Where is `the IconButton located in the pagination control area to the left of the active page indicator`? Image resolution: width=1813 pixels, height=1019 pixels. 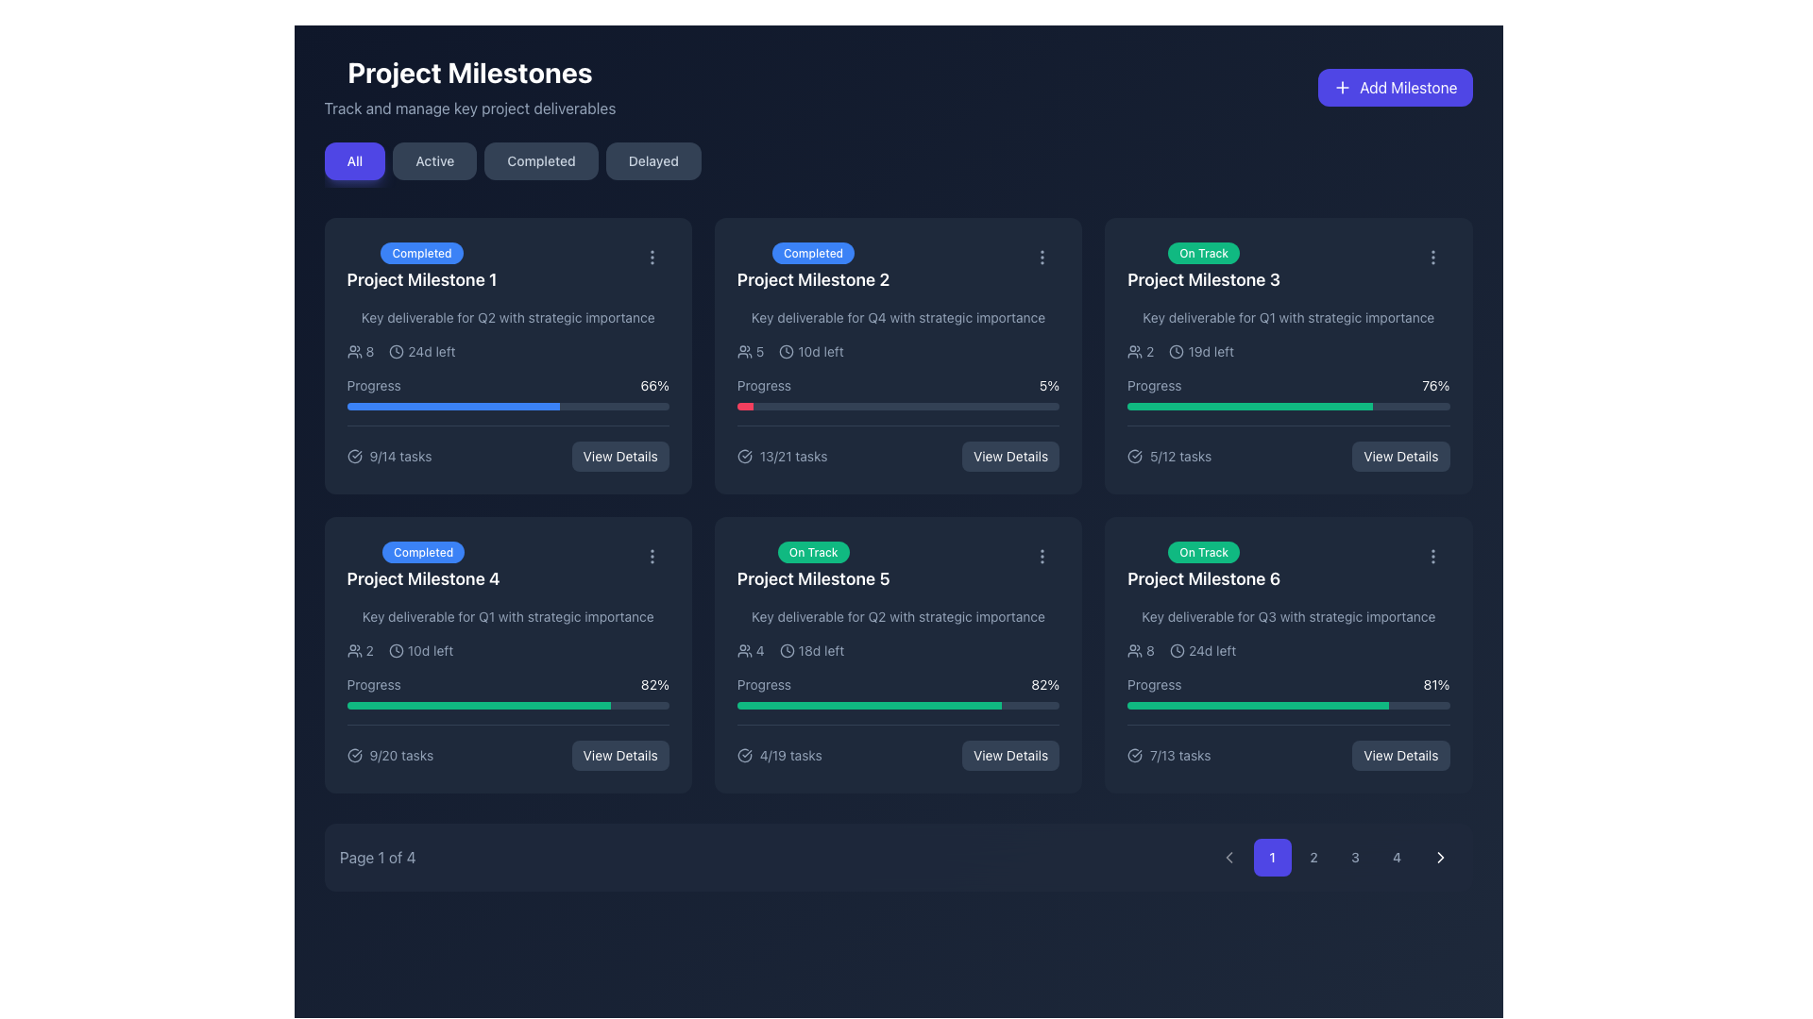 the IconButton located in the pagination control area to the left of the active page indicator is located at coordinates (1228, 858).